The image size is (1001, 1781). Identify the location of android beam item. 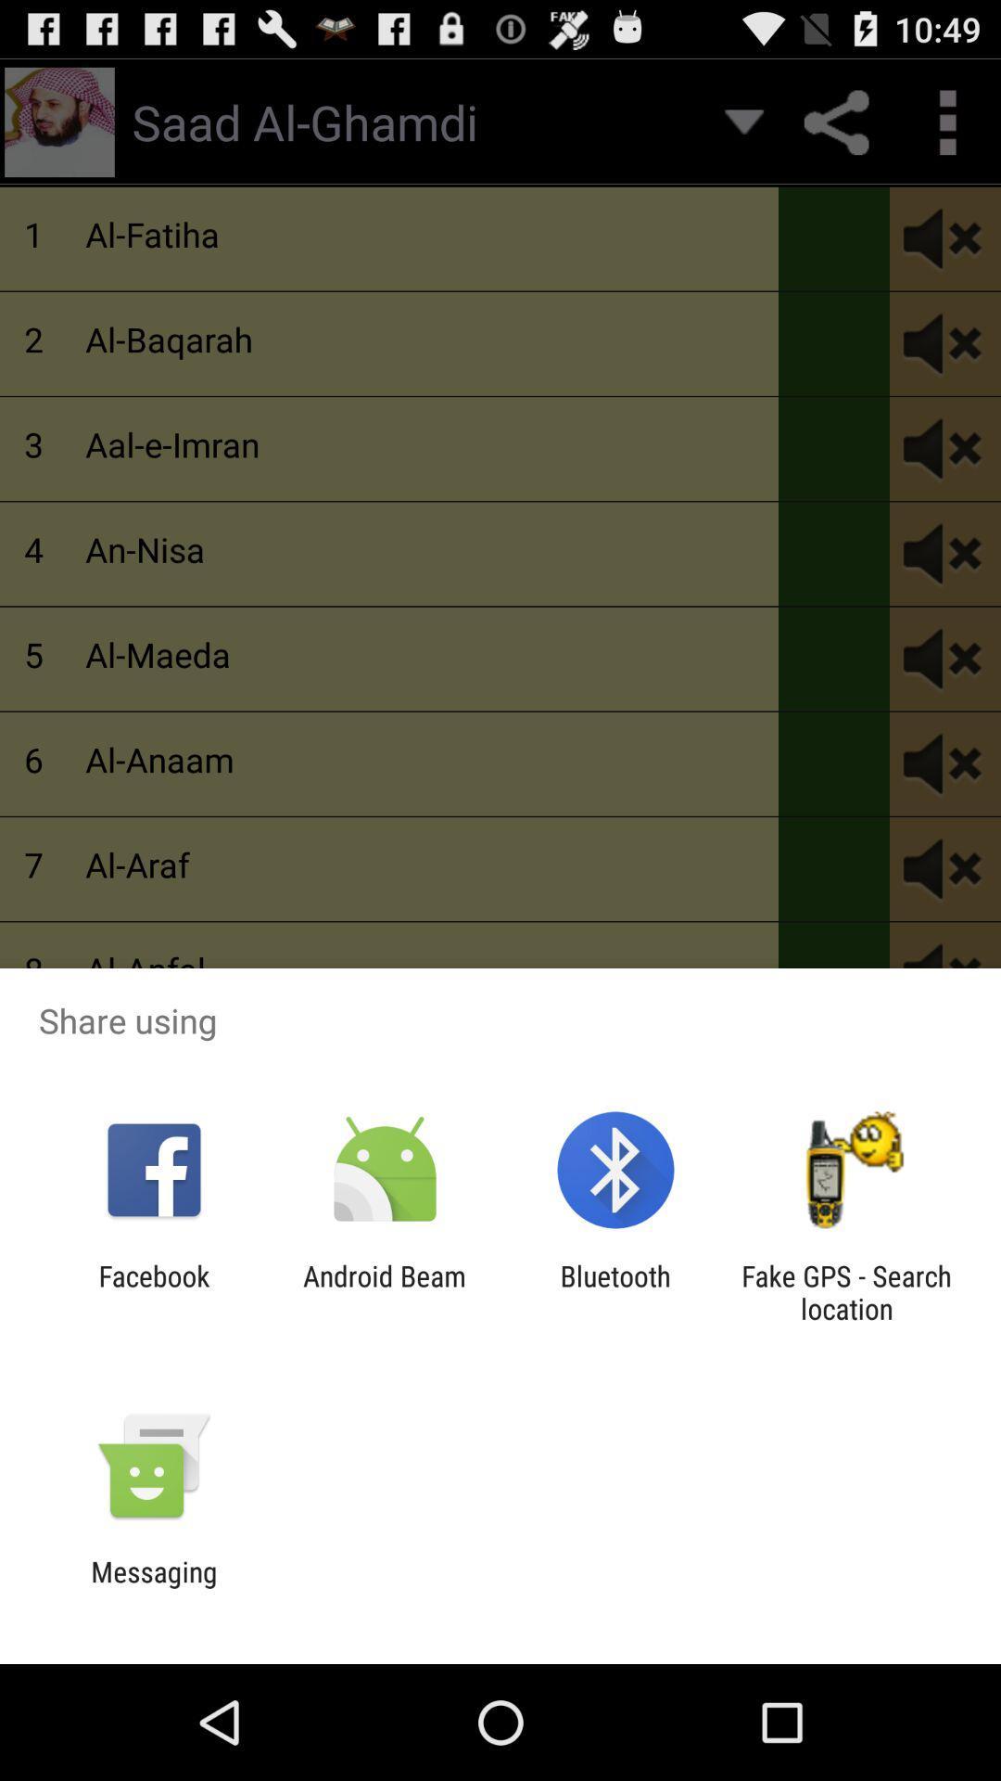
(384, 1291).